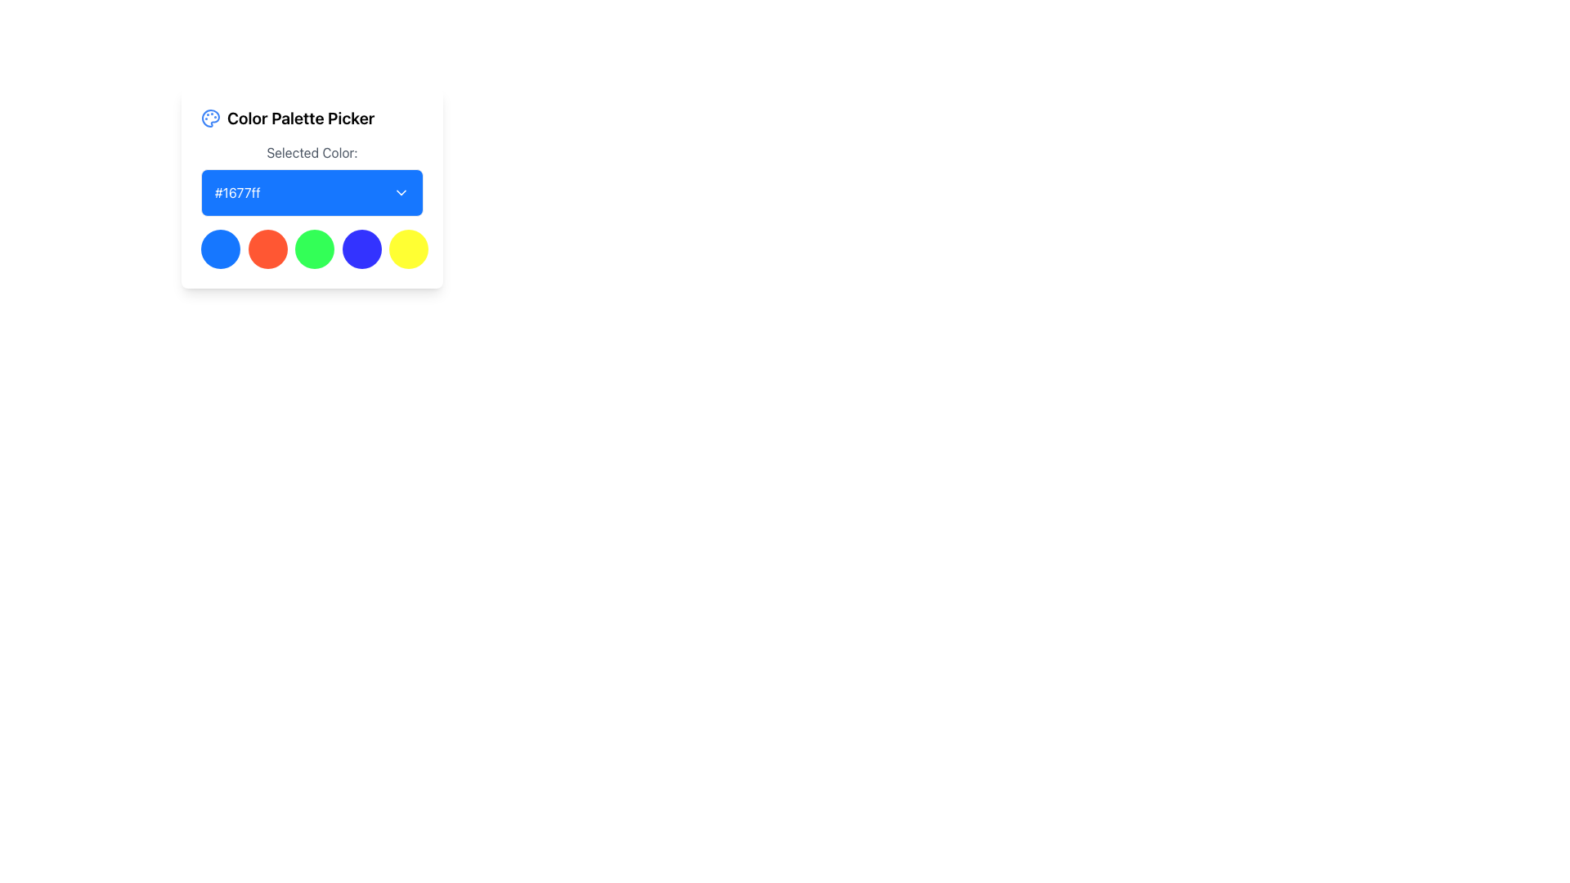  I want to click on the Text Label with Icon labeled 'Color Palette Picker' which features a blue palette icon to the left, located at the top of the section inside the card-like component, so click(312, 118).